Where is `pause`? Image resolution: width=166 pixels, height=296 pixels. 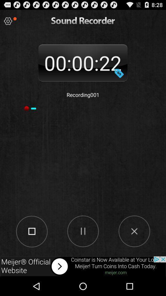
pause is located at coordinates (83, 231).